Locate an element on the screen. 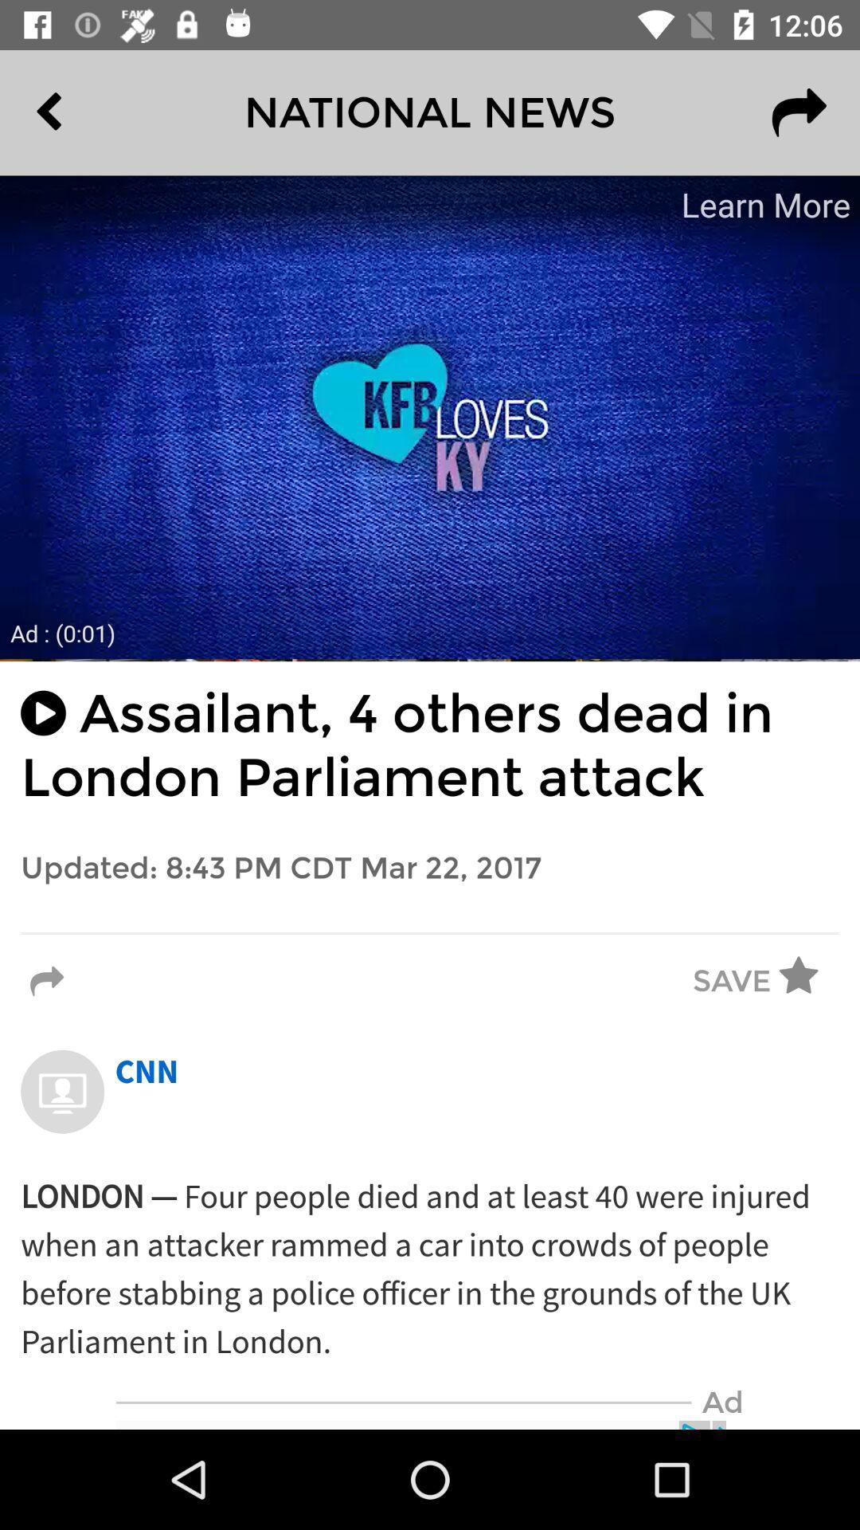 The image size is (860, 1530). the cnn item is located at coordinates (147, 1073).